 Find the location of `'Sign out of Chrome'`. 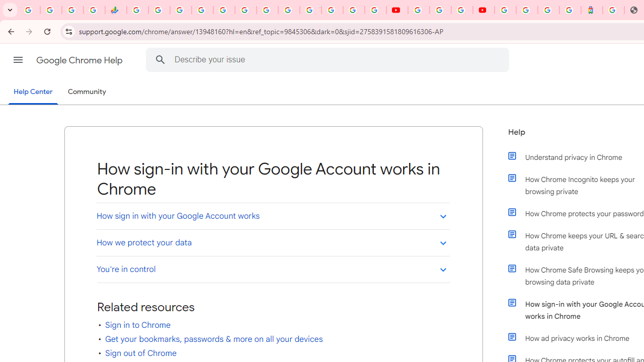

'Sign out of Chrome' is located at coordinates (140, 352).